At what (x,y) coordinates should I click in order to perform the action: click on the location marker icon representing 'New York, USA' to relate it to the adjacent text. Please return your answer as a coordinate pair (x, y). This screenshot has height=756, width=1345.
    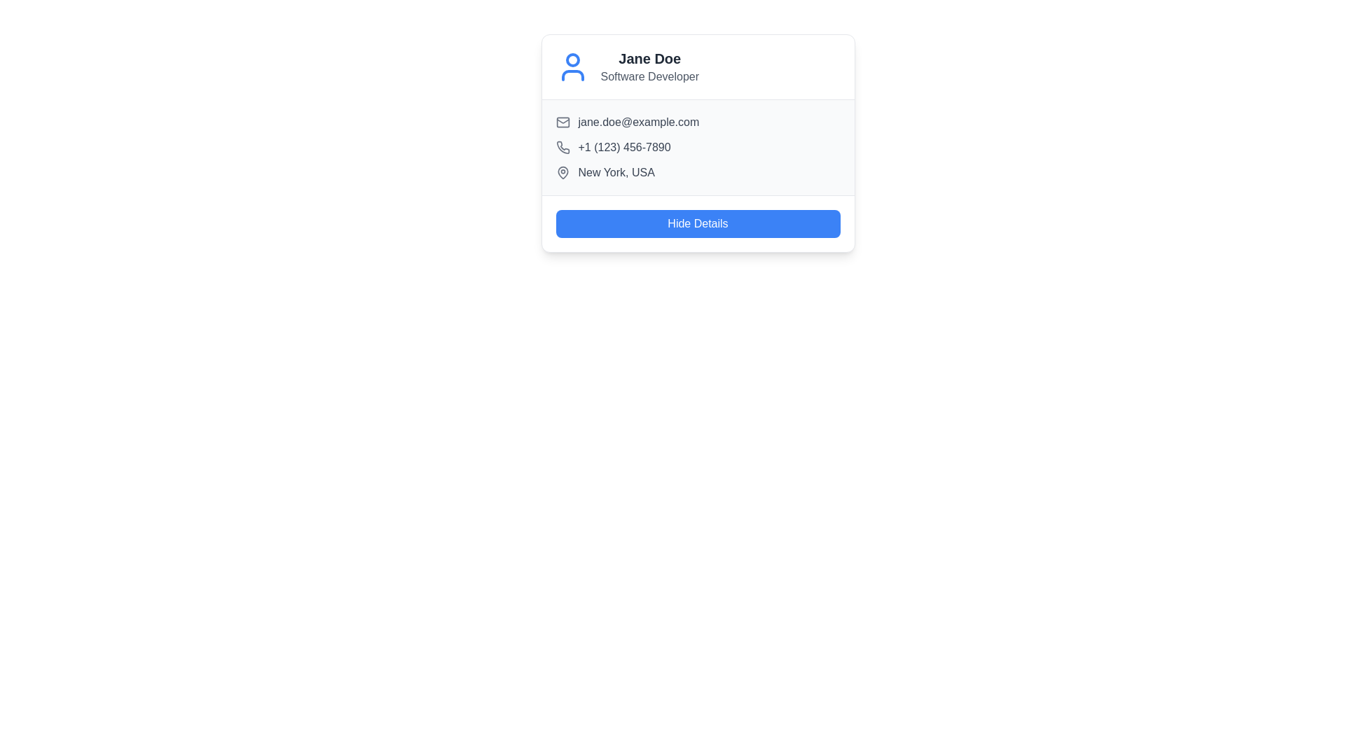
    Looking at the image, I should click on (563, 171).